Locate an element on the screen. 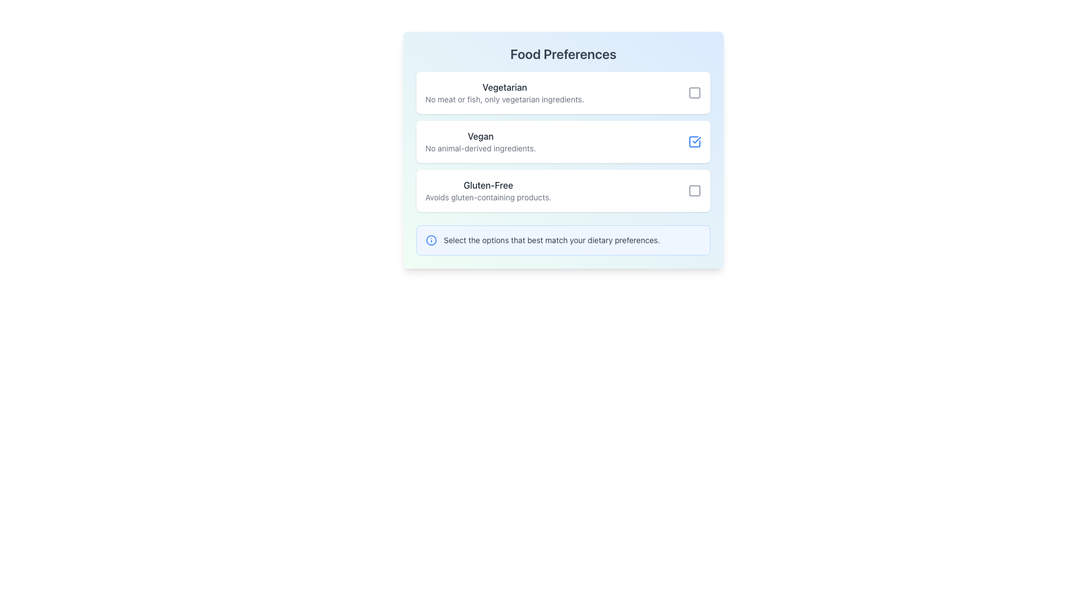 The image size is (1069, 601). the 'Gluten-Free' checkbox option in the Food Preferences list is located at coordinates (563, 190).